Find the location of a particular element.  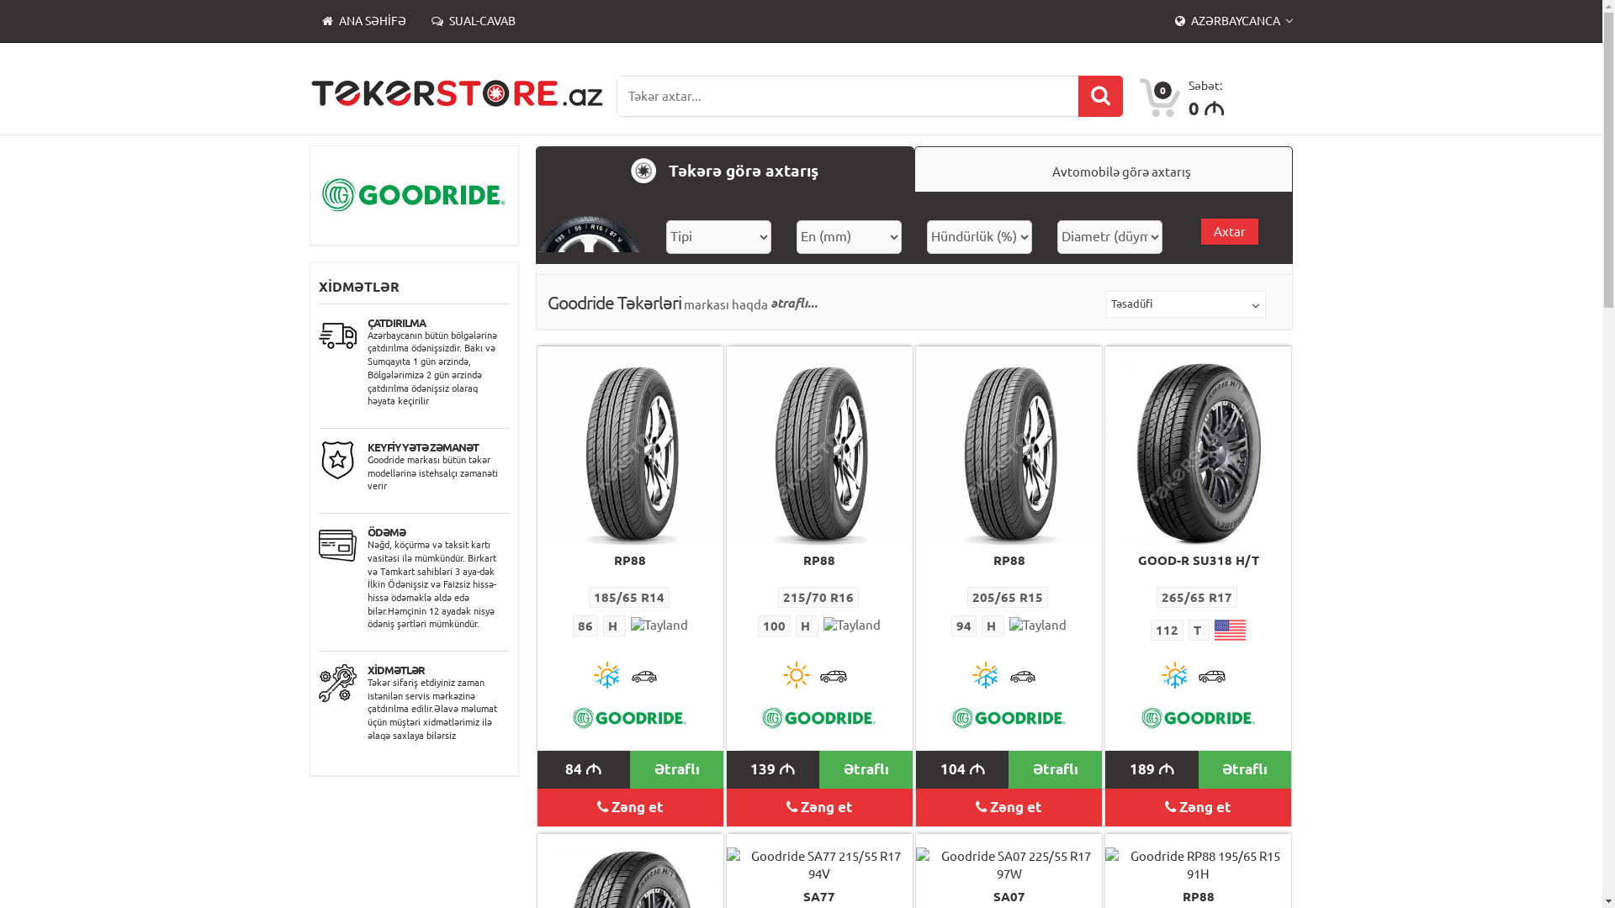

'Axtar' is located at coordinates (1230, 231).